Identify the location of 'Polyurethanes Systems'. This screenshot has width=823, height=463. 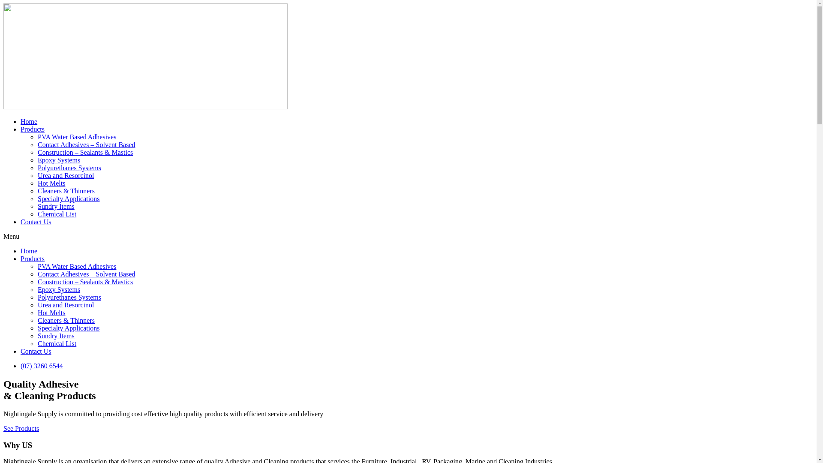
(69, 168).